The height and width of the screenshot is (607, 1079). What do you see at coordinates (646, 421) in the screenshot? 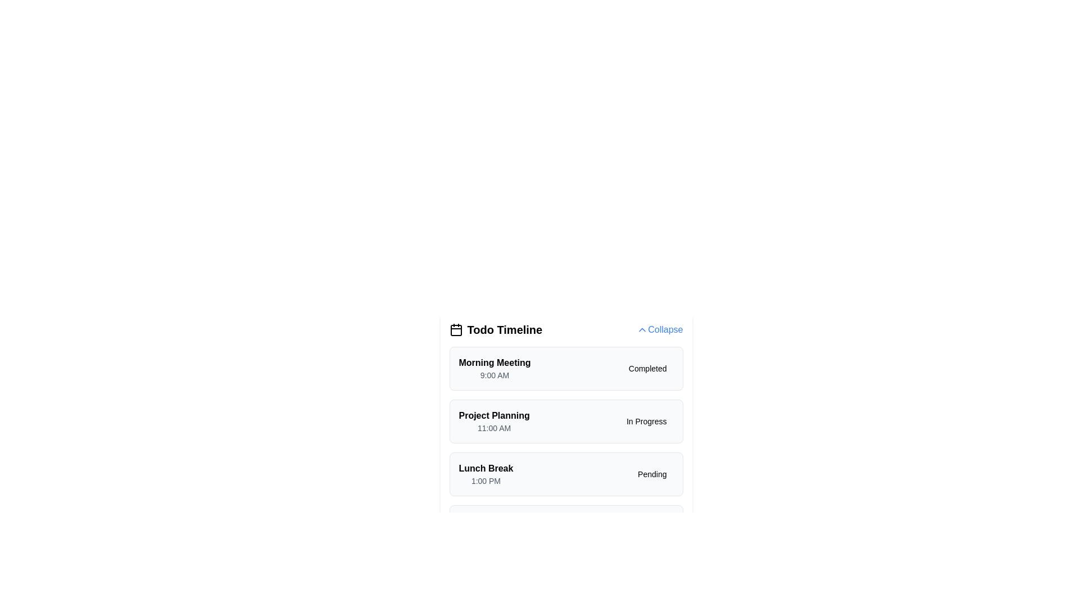
I see `the Status badge, which displays 'In Progress' in bold text on a light yellow background, indicating the current status of the Project Planning task` at bounding box center [646, 421].